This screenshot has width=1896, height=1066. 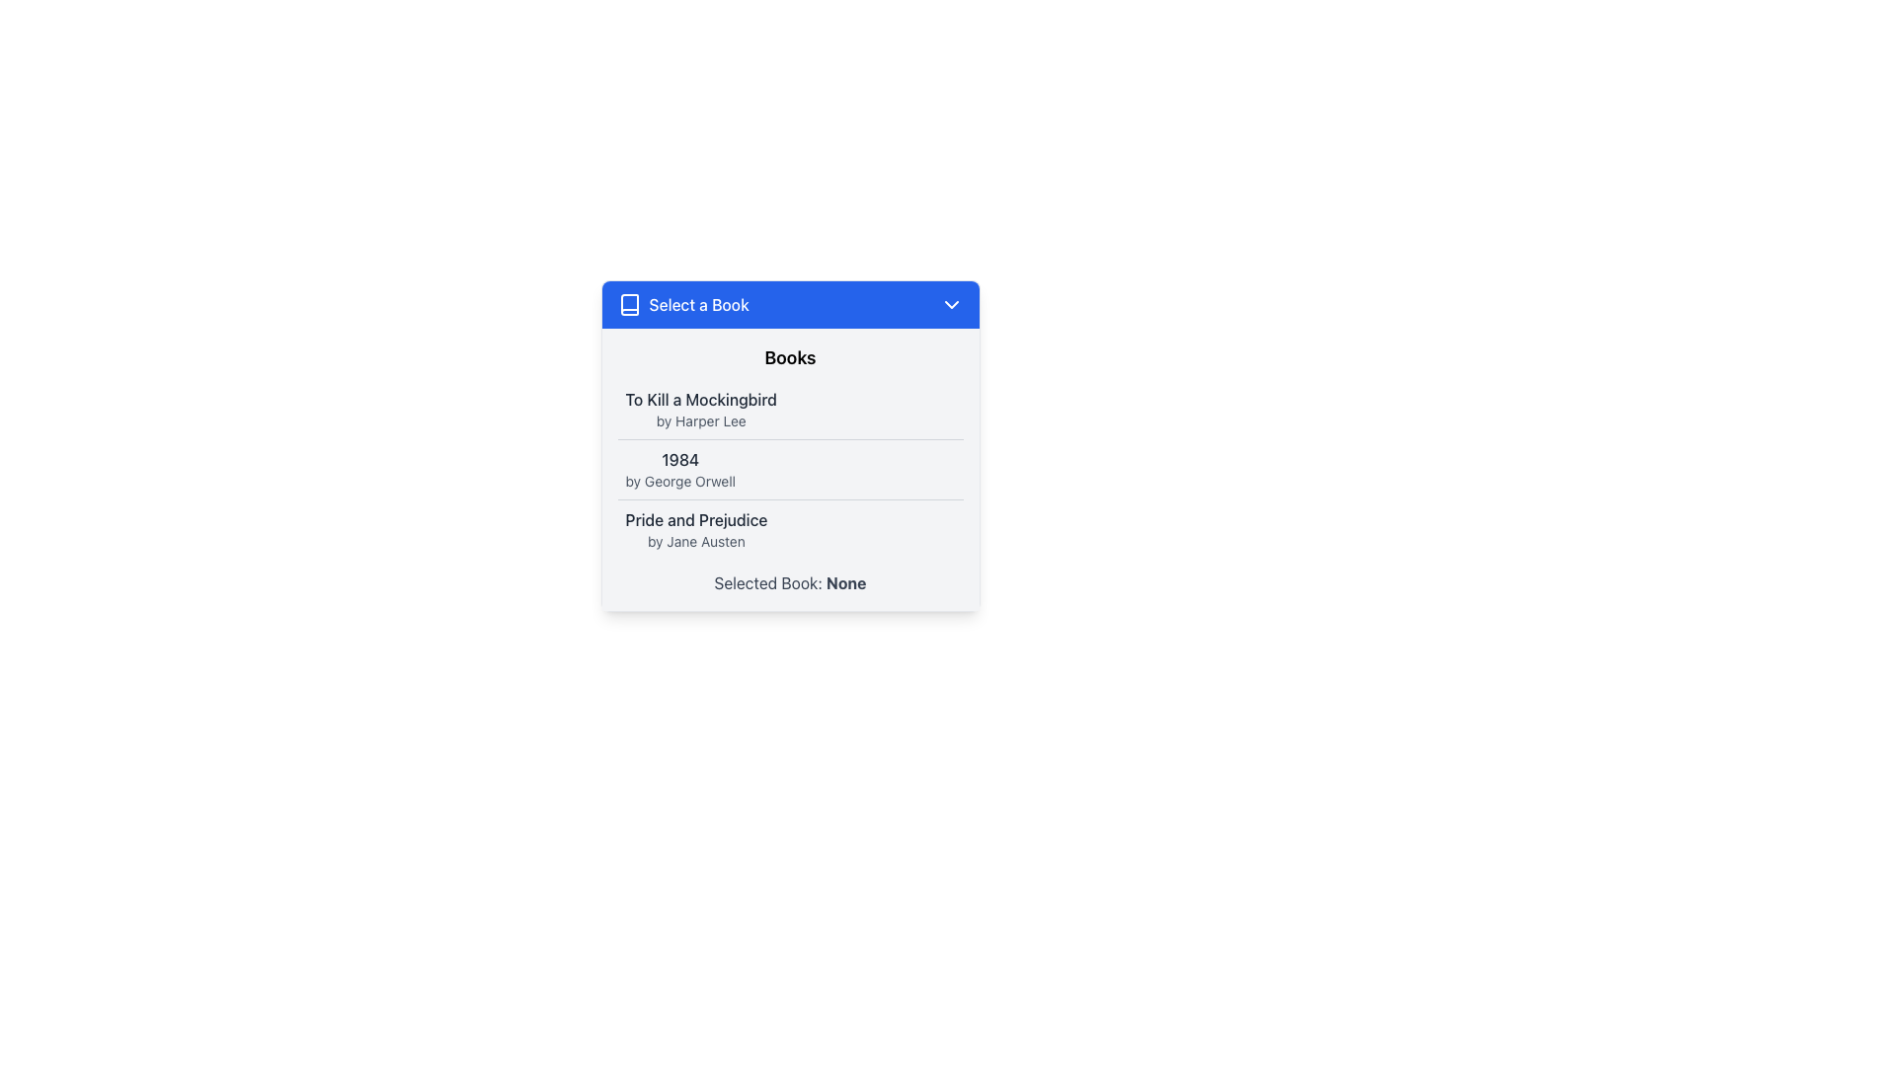 I want to click on the selectable list item for '1984 by George Orwell' located in the vertical list, positioned between 'To Kill a Mockingbird by Harper Lee' and 'Pride and Prejudice by Jane Austen', so click(x=790, y=469).